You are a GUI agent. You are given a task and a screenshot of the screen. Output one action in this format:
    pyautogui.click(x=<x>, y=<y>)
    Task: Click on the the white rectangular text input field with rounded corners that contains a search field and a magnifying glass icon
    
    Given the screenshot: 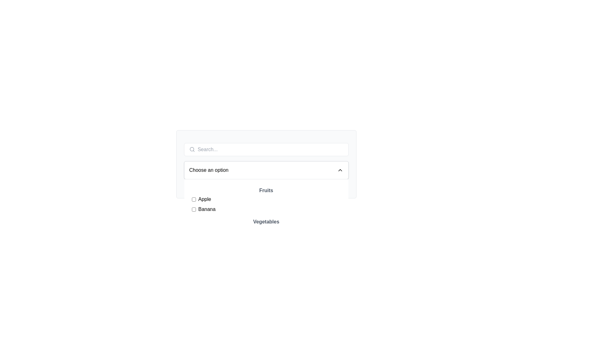 What is the action you would take?
    pyautogui.click(x=266, y=150)
    